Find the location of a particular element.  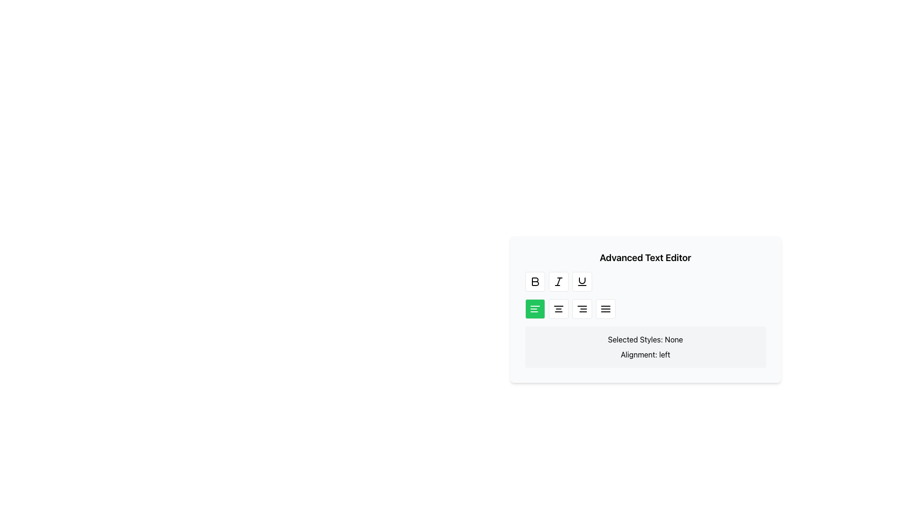

the left alignment button in the Advanced Text Editor toolbar to apply left alignment to the selected text is located at coordinates (535, 309).